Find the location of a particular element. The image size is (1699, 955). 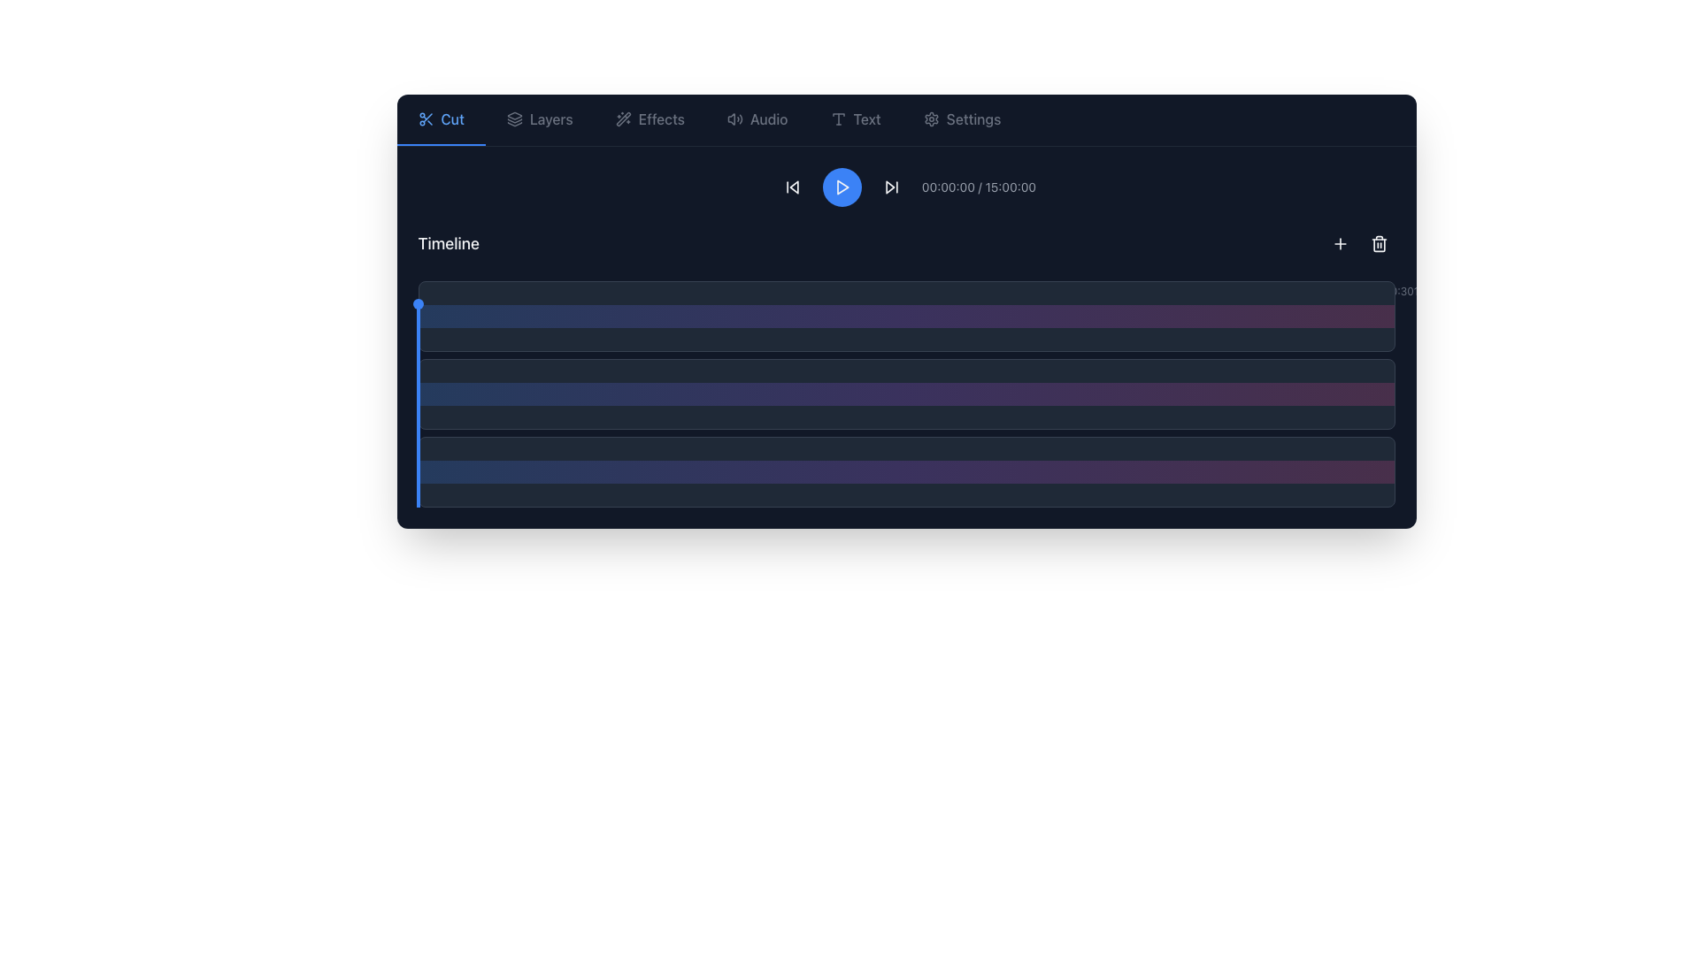

the sixth time marker in the timeline component, which displays a specific time reference within a scheduling interface is located at coordinates (553, 291).